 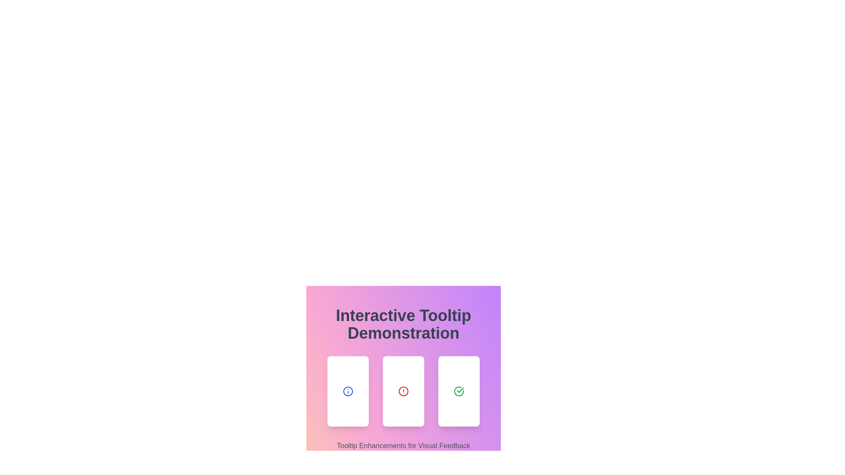 What do you see at coordinates (403, 324) in the screenshot?
I see `heading text located at the top of the content section, centered above the smaller informational cards` at bounding box center [403, 324].